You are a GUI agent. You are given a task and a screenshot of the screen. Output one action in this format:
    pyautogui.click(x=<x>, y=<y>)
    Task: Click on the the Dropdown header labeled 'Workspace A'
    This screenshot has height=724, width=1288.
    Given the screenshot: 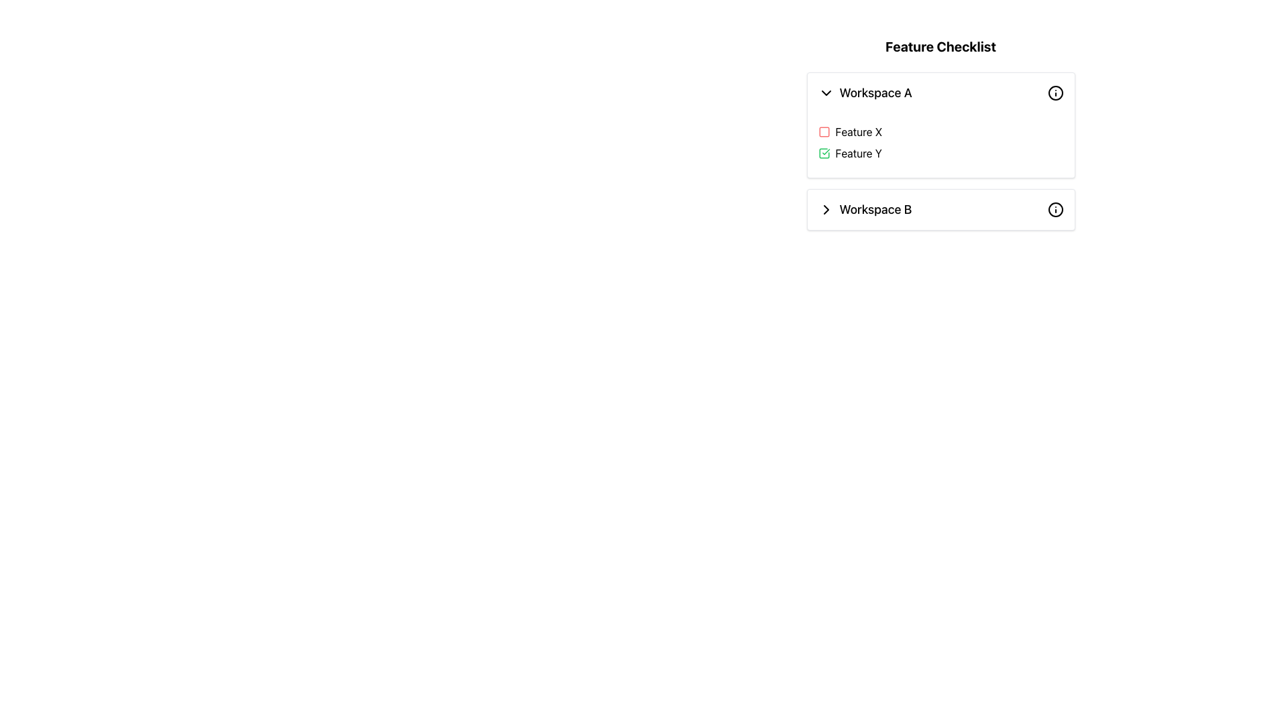 What is the action you would take?
    pyautogui.click(x=865, y=92)
    